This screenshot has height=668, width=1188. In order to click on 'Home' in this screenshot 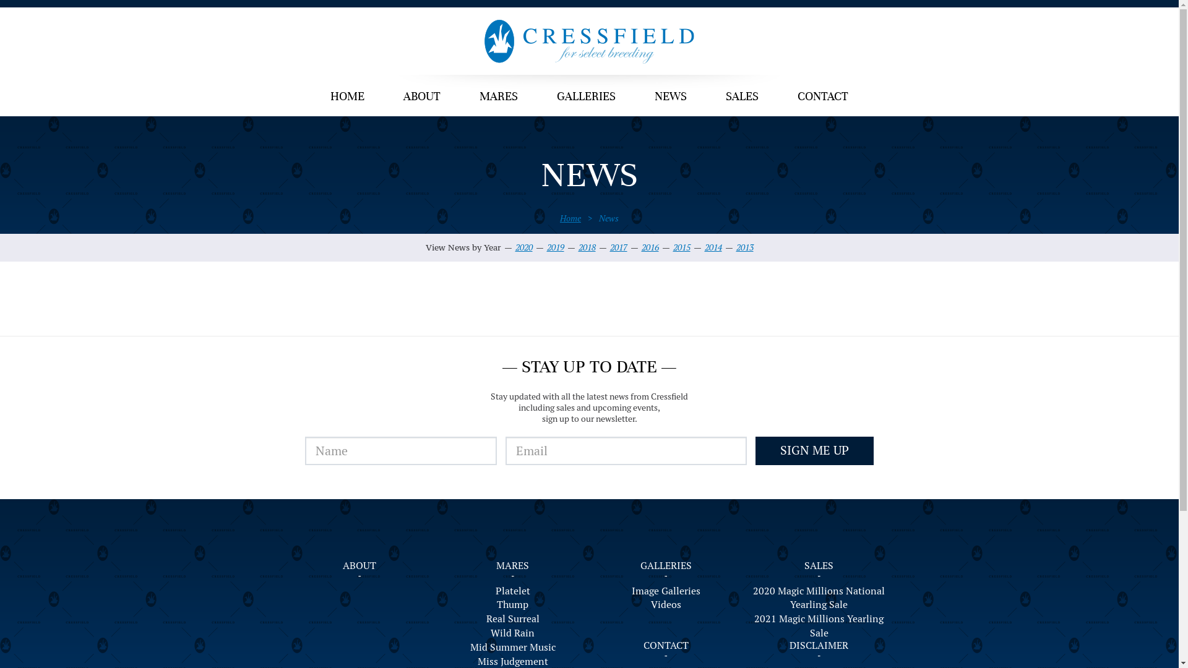, I will do `click(569, 218)`.